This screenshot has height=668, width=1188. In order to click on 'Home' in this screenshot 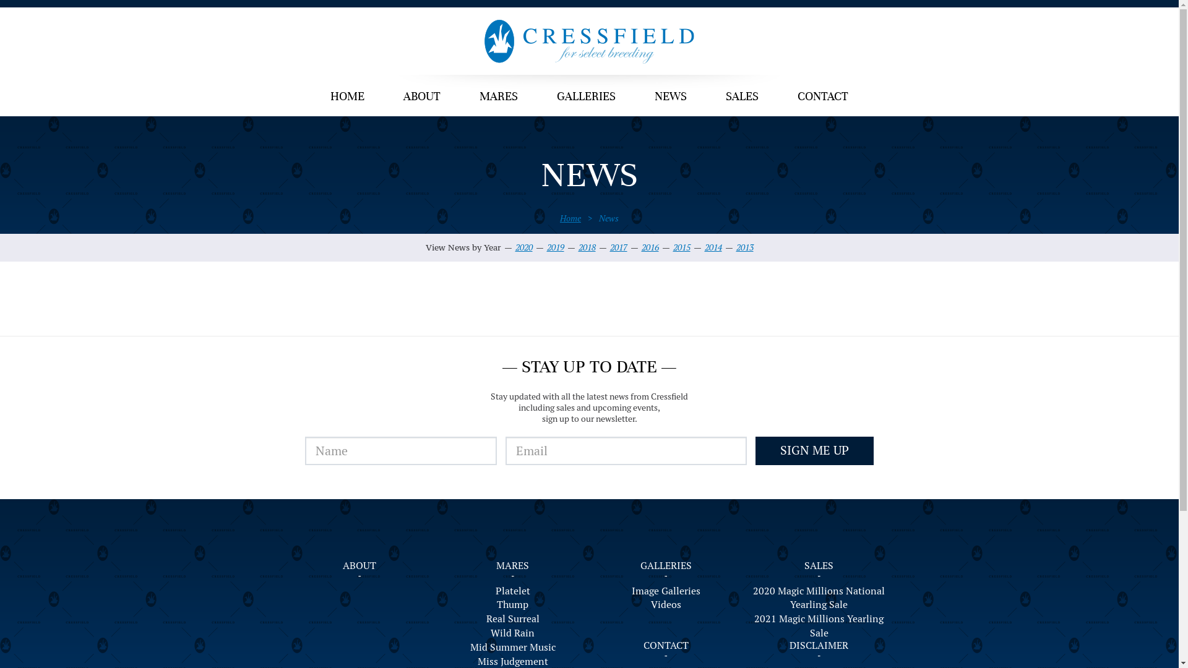, I will do `click(569, 218)`.